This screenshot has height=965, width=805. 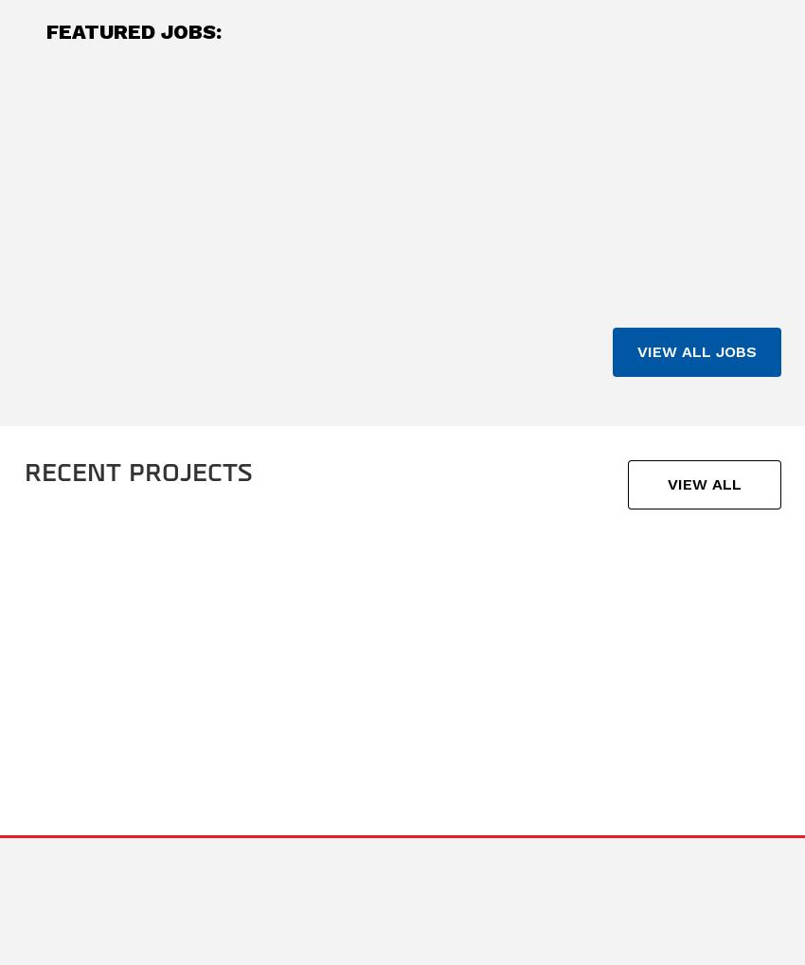 What do you see at coordinates (690, 701) in the screenshot?
I see `'Bio-Pharma Plant & Pipework »'` at bounding box center [690, 701].